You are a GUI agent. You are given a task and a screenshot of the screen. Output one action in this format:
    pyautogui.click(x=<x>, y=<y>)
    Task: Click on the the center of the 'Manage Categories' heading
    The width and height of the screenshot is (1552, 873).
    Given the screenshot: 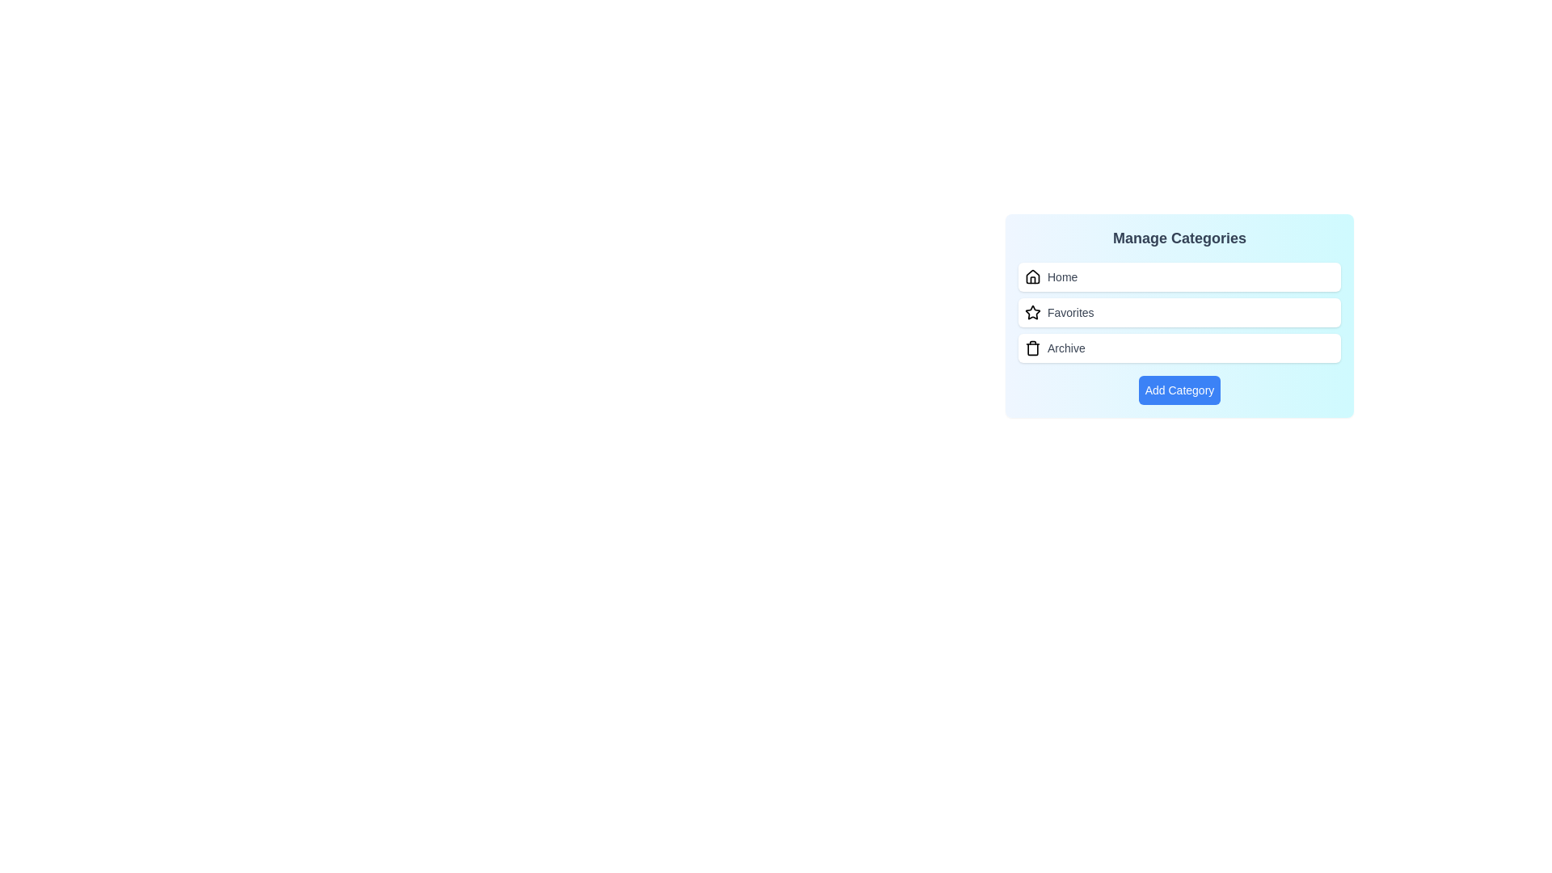 What is the action you would take?
    pyautogui.click(x=1179, y=238)
    